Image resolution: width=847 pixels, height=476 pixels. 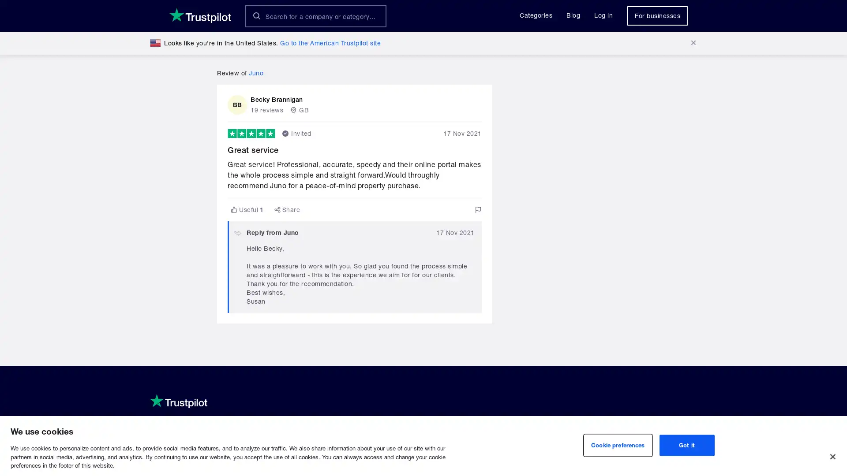 I want to click on Search, so click(x=256, y=16).